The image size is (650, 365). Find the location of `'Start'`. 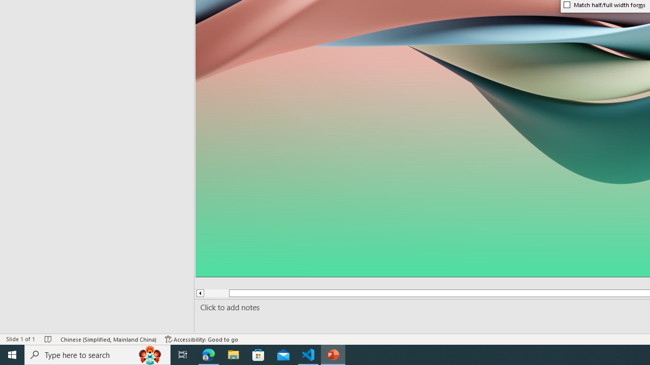

'Start' is located at coordinates (12, 354).